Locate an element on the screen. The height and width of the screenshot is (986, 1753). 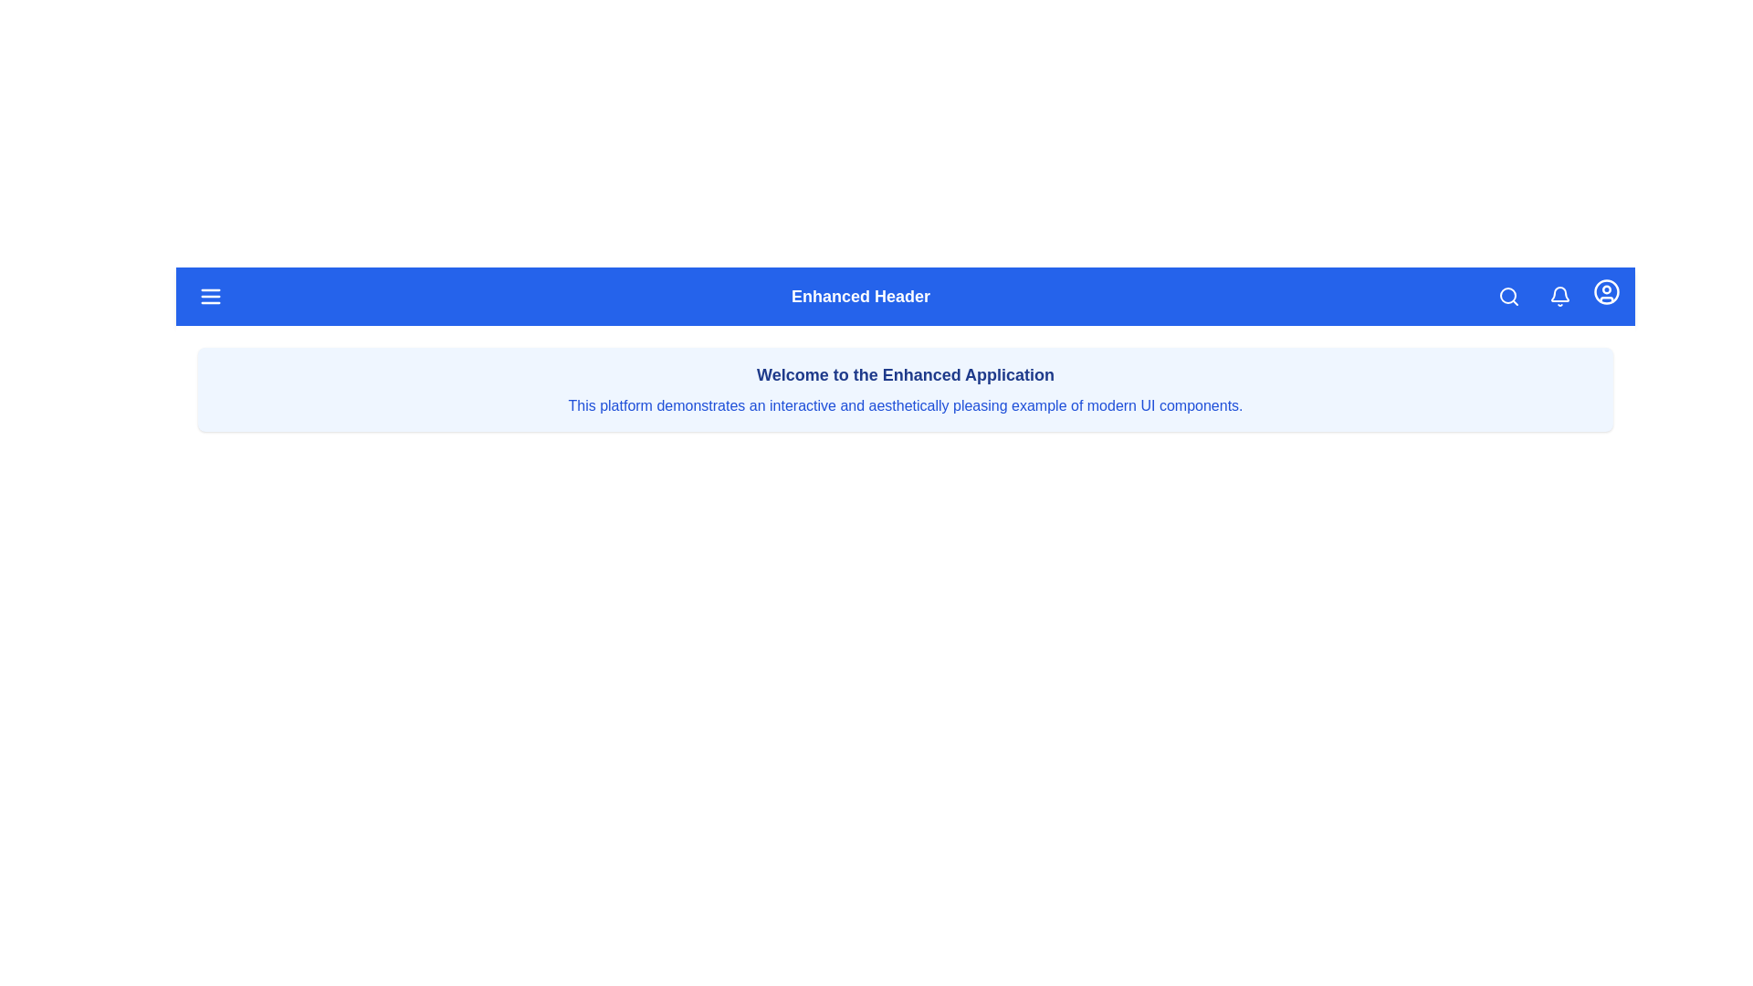
the menu button to open the menu is located at coordinates (210, 295).